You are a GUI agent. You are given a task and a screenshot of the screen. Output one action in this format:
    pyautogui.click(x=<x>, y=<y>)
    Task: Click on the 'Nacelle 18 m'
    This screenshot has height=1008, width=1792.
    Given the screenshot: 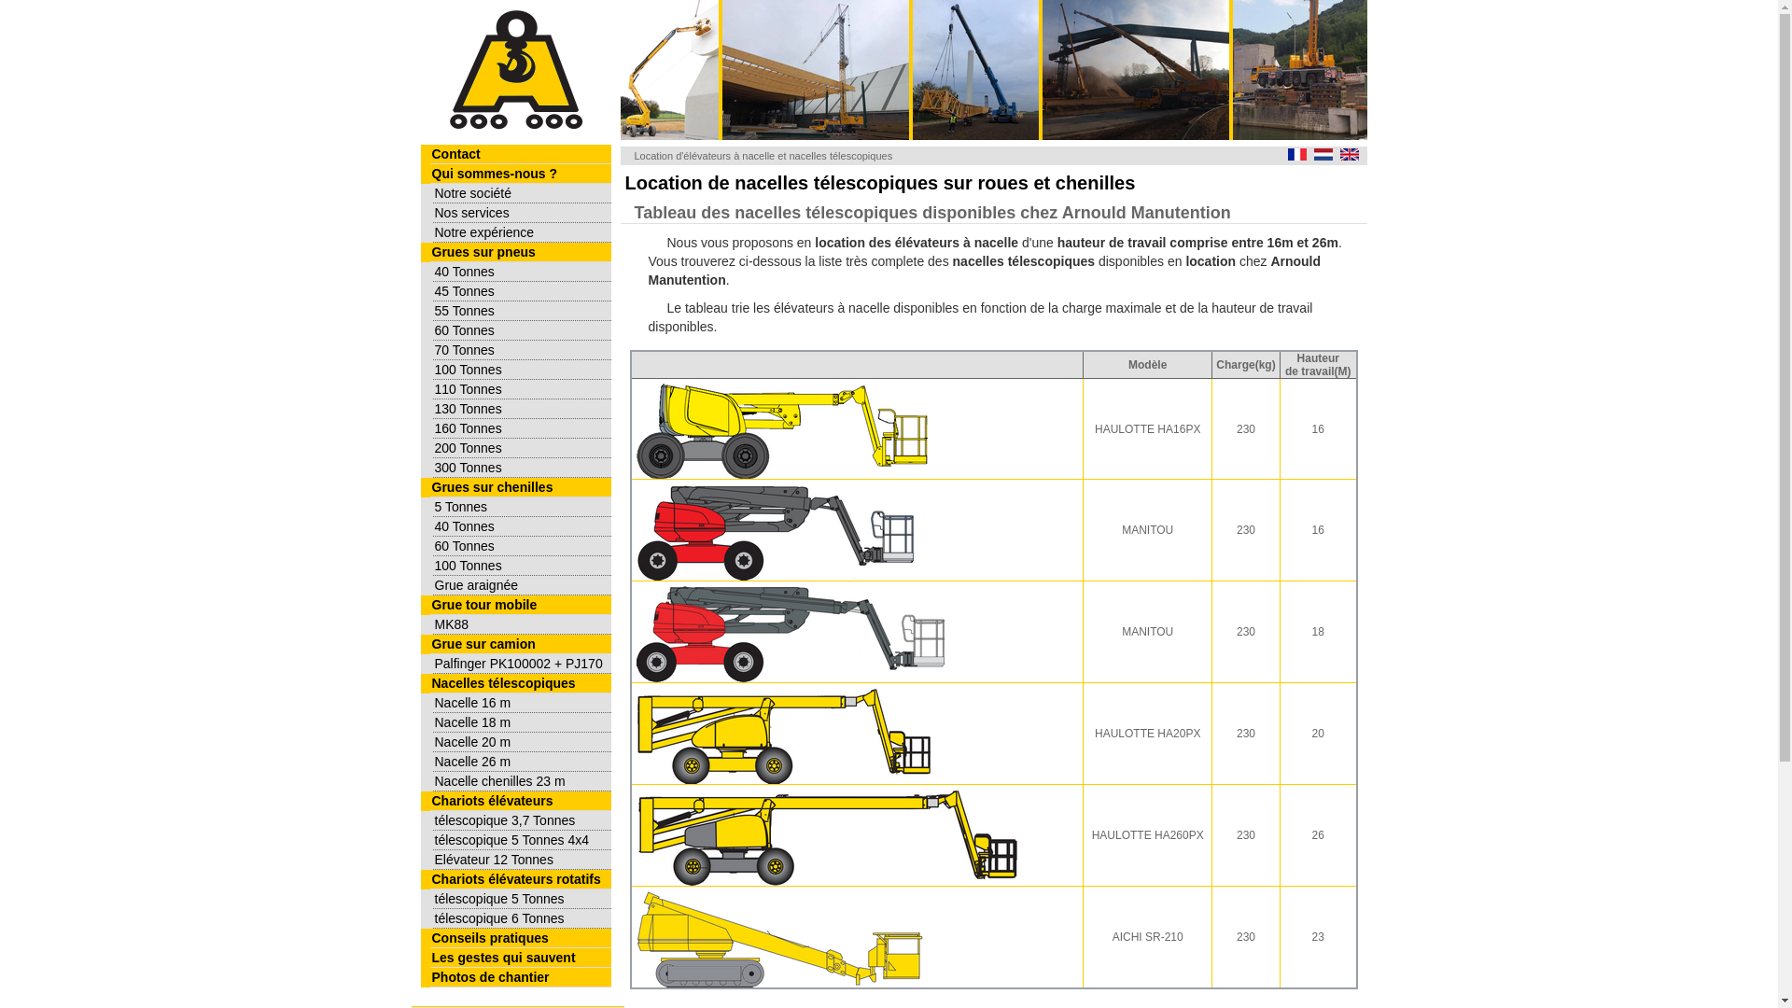 What is the action you would take?
    pyautogui.click(x=432, y=721)
    